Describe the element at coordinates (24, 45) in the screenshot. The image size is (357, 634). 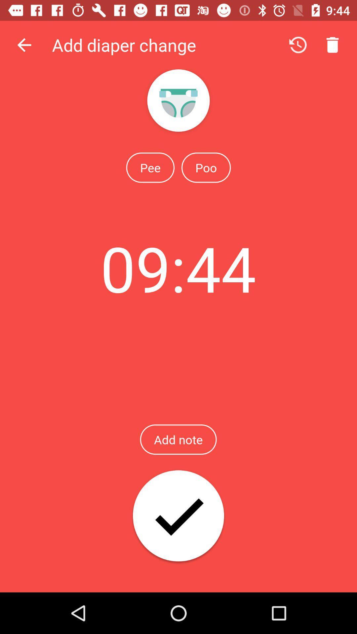
I see `app to the left of the add diaper change` at that location.